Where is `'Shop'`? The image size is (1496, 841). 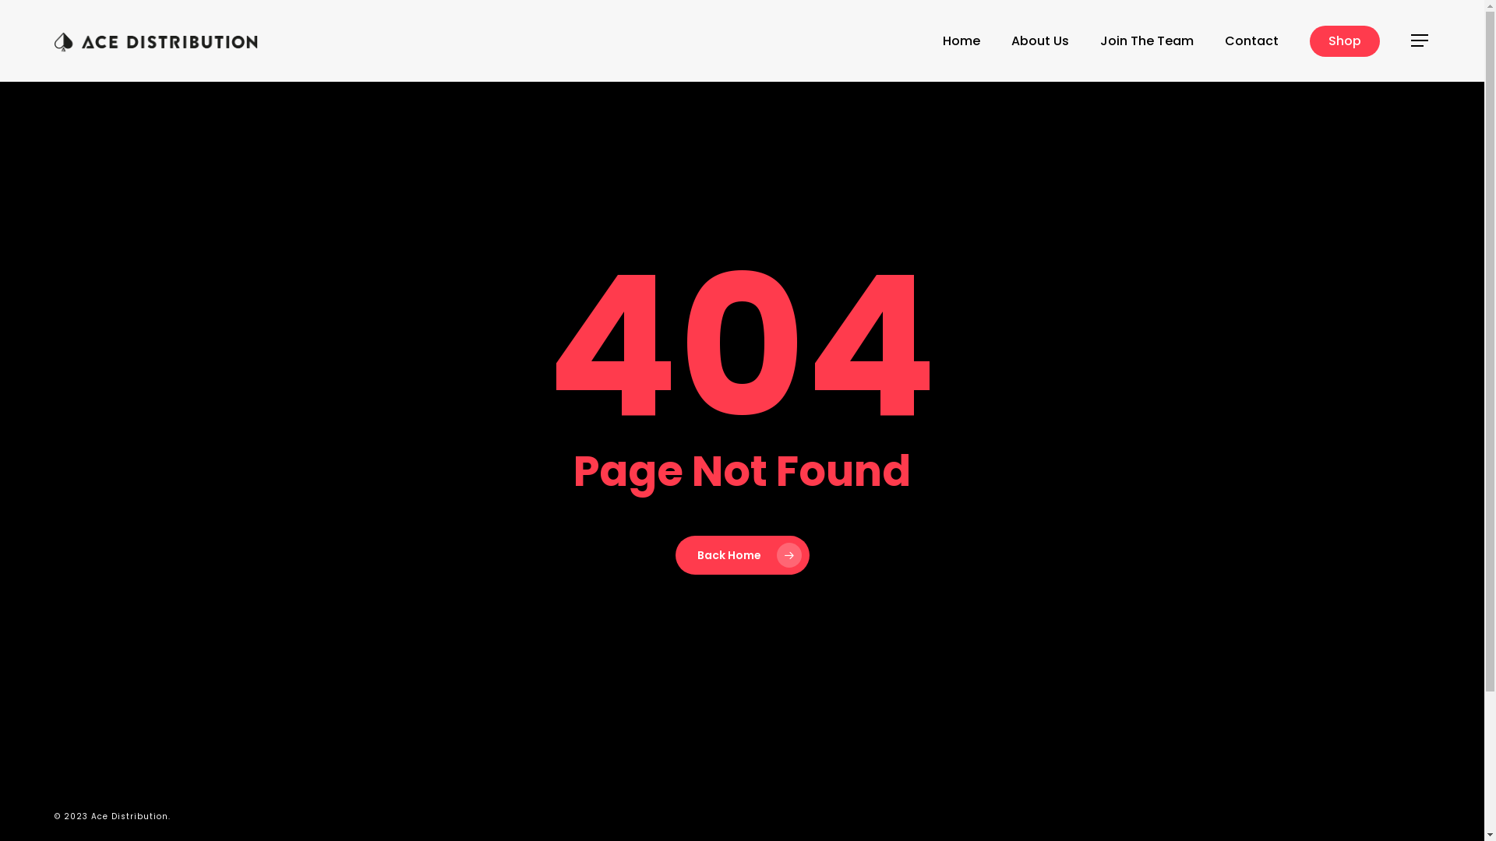
'Shop' is located at coordinates (1309, 39).